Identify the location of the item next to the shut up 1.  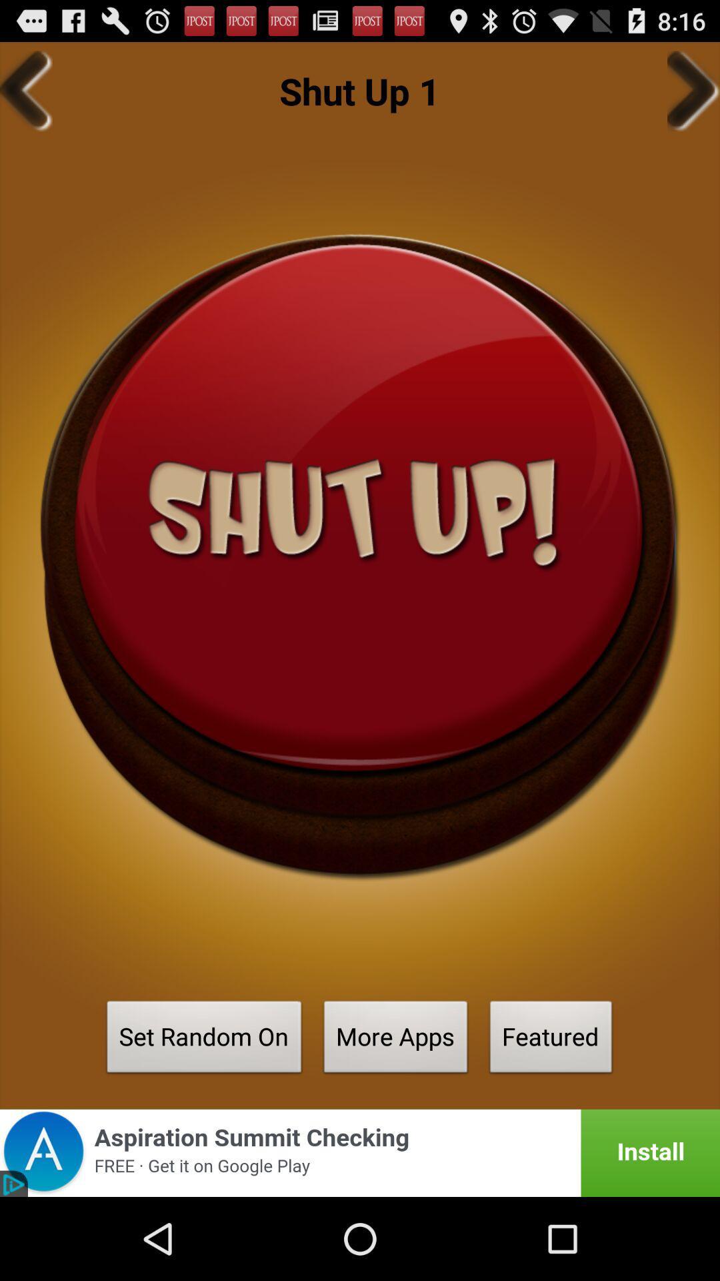
(26, 90).